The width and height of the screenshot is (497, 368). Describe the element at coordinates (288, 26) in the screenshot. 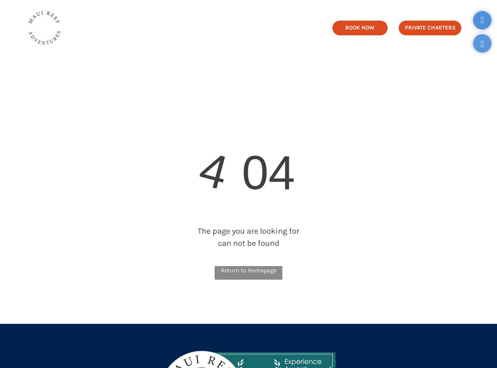

I see `'FAQ'` at that location.